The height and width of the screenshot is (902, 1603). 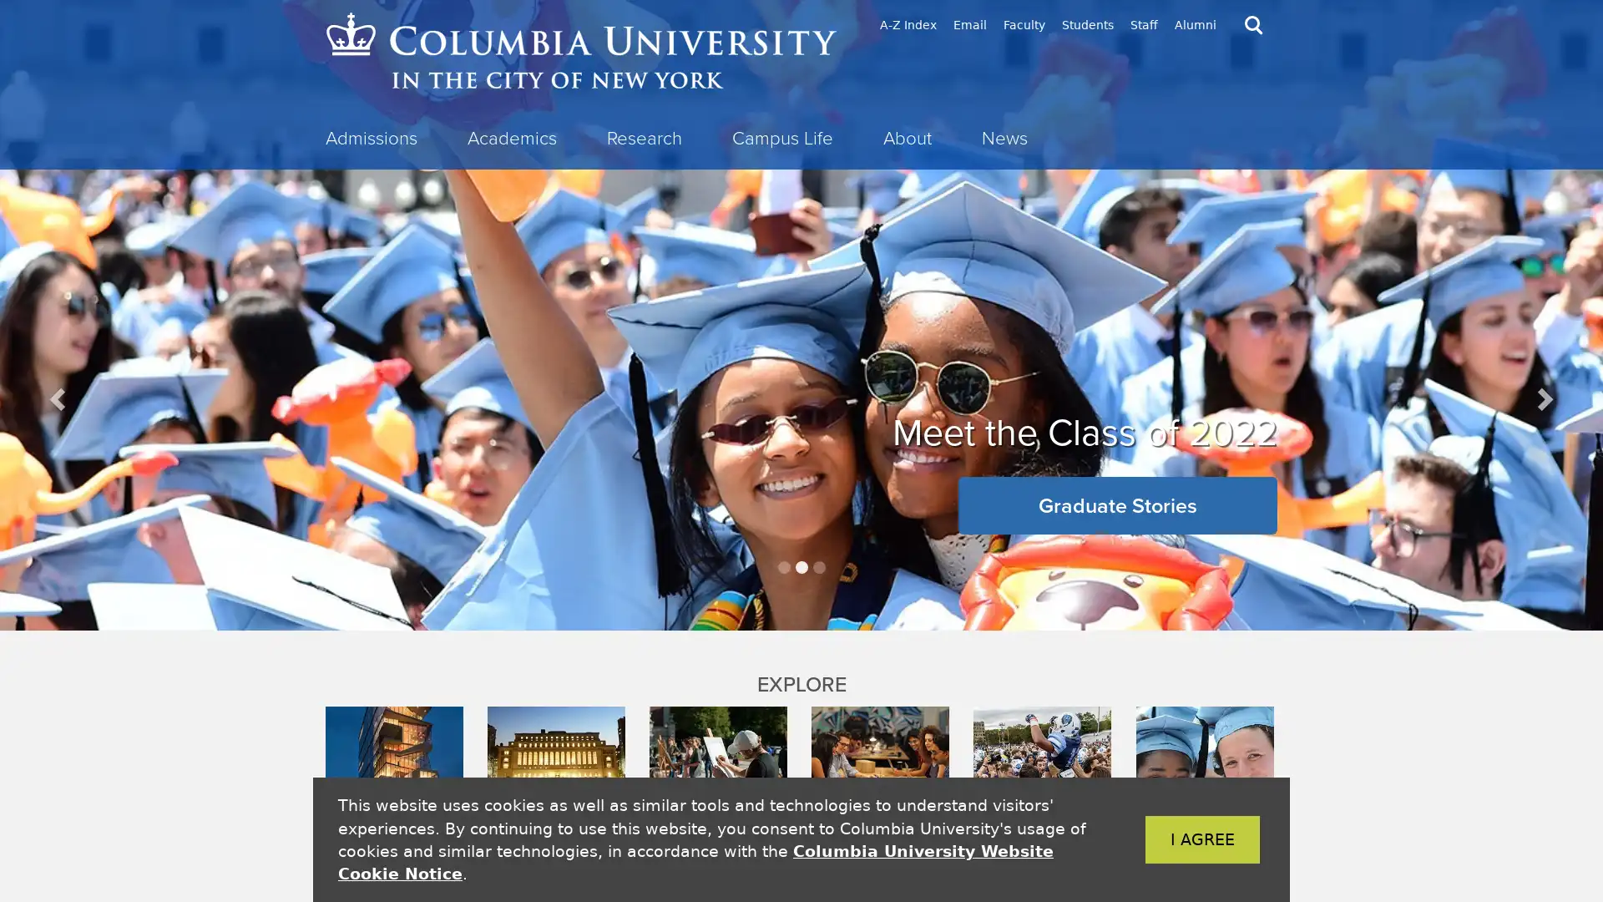 I want to click on Previous, so click(x=59, y=398).